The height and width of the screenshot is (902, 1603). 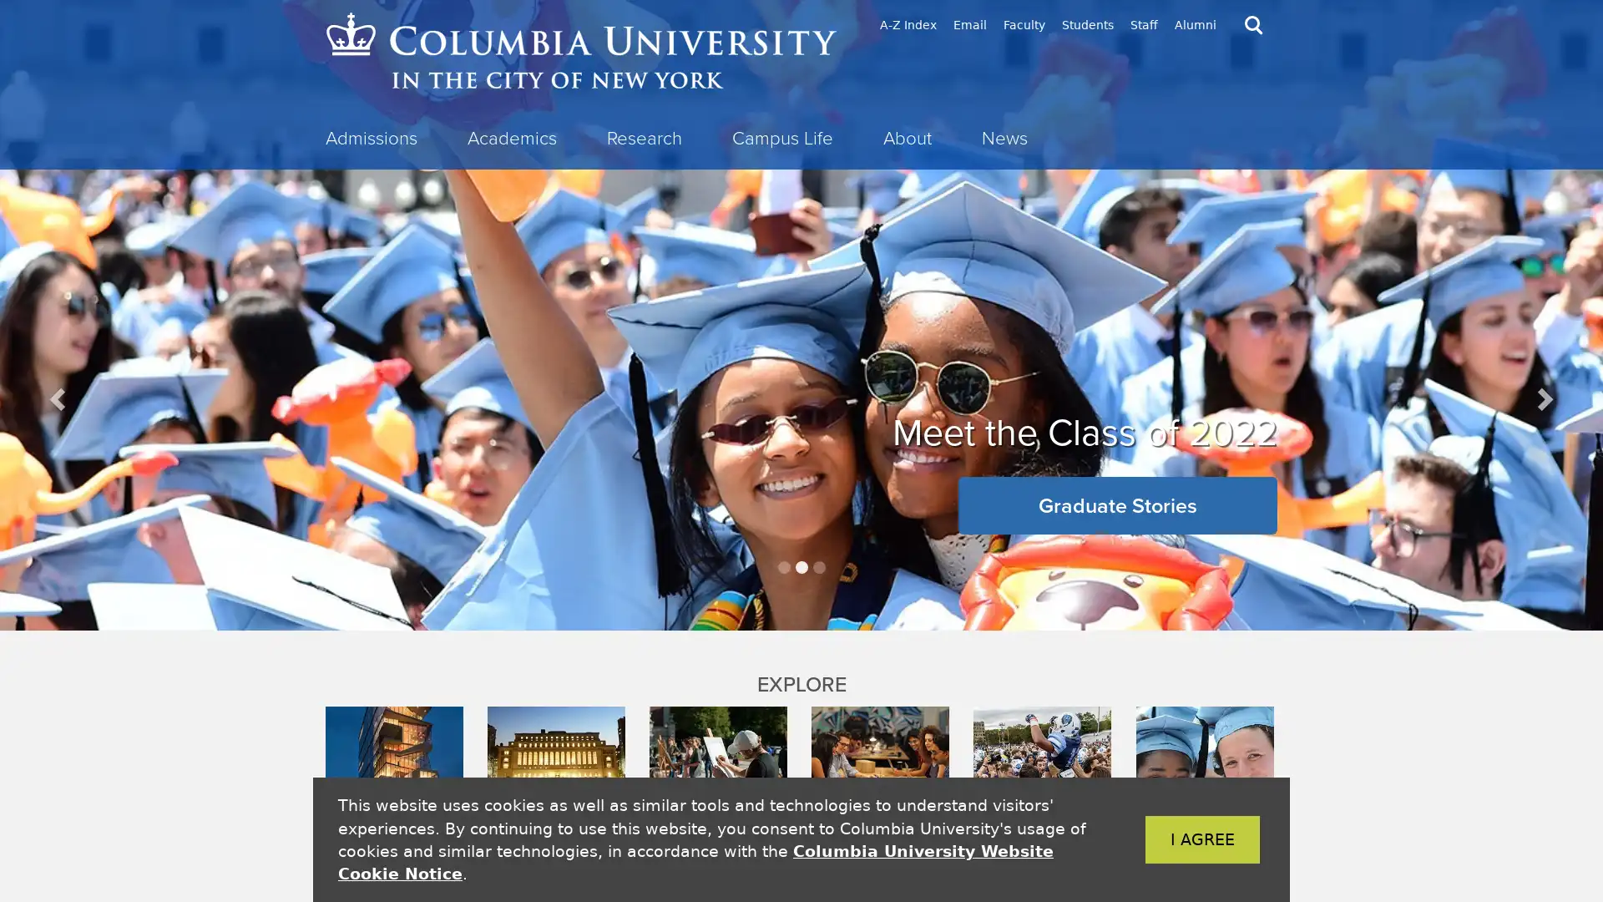 I want to click on Previous, so click(x=59, y=398).